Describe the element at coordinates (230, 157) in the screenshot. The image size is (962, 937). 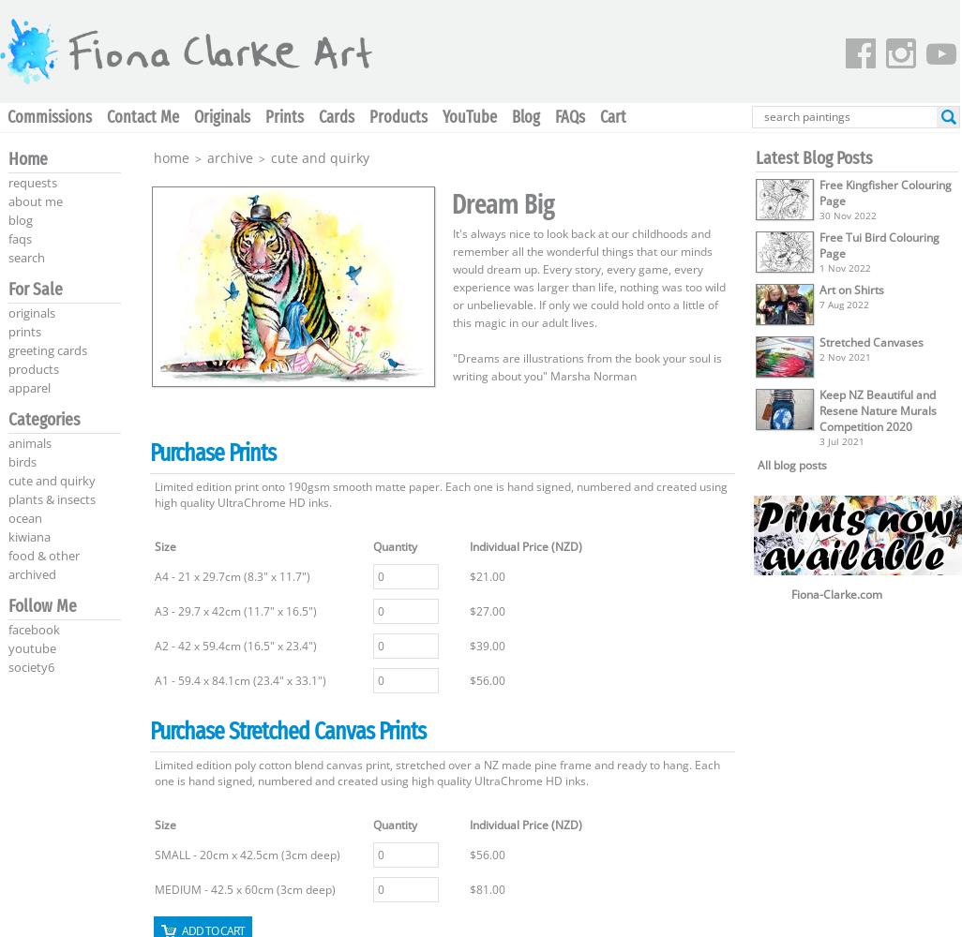
I see `'archive'` at that location.